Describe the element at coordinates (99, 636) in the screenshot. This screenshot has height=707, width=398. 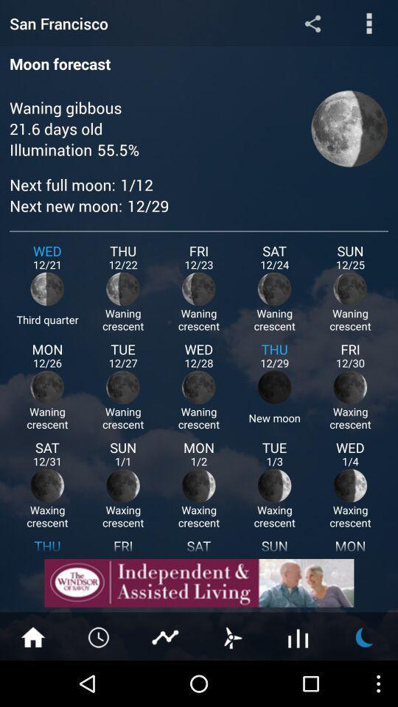
I see `an hour` at that location.